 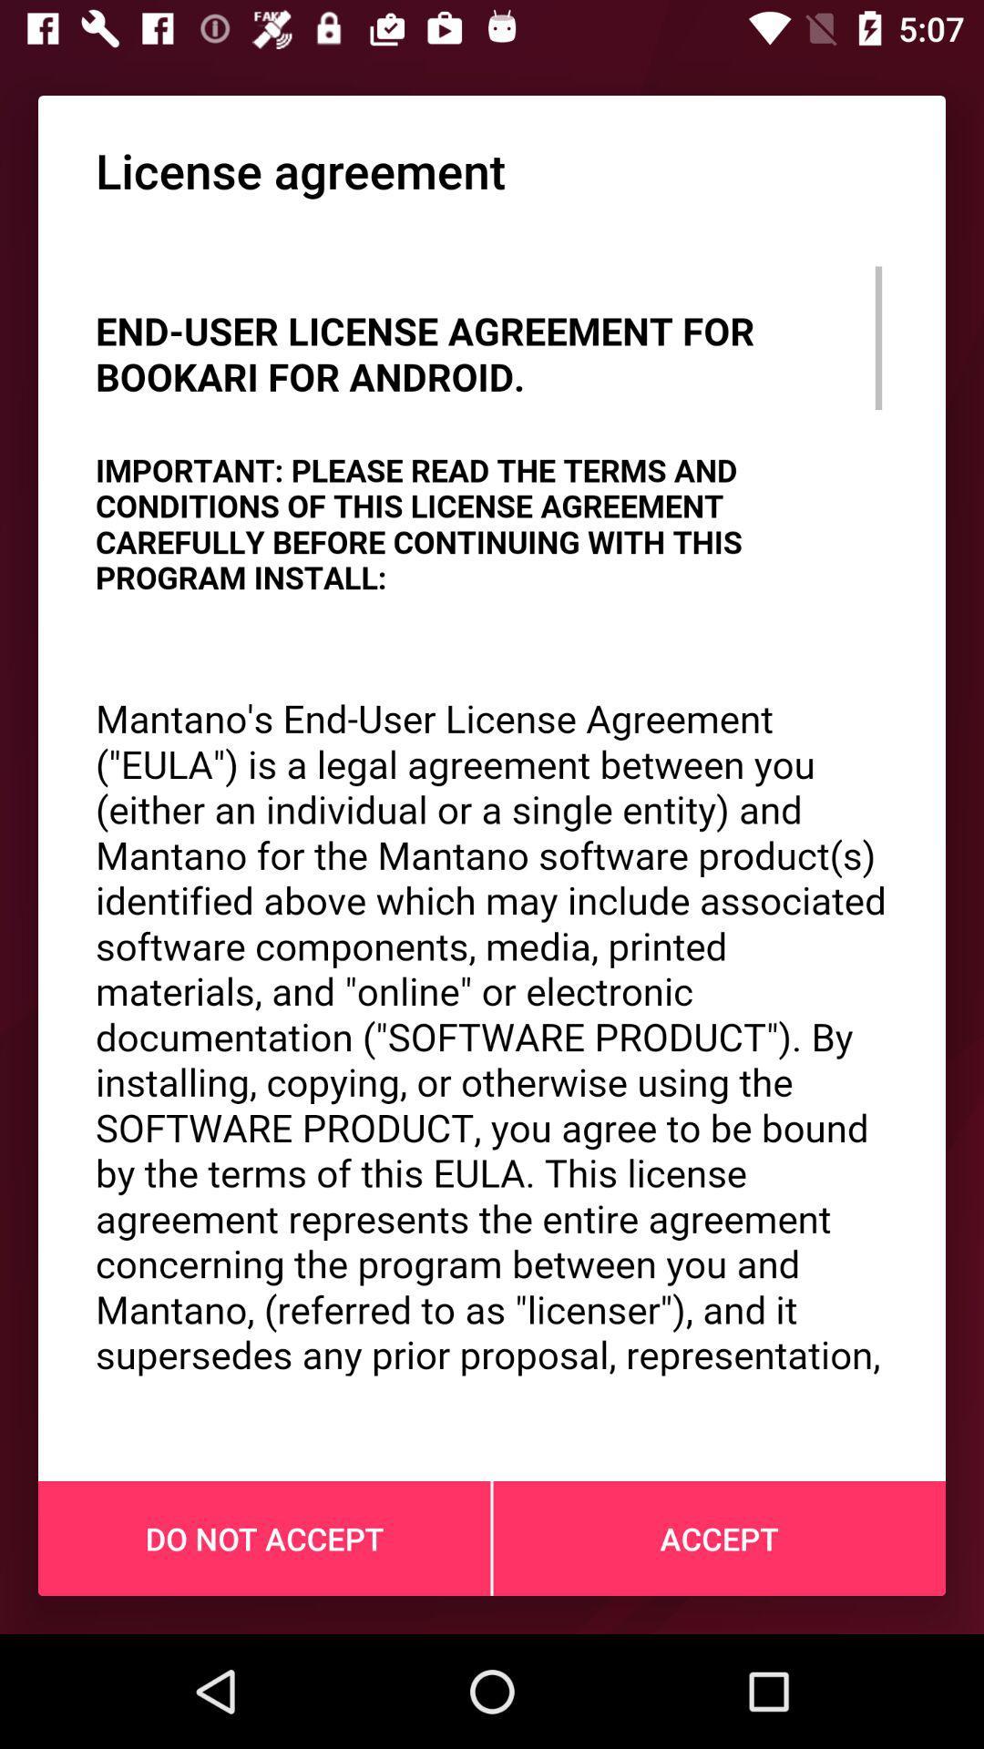 What do you see at coordinates (492, 816) in the screenshot?
I see `the item below license agreement` at bounding box center [492, 816].